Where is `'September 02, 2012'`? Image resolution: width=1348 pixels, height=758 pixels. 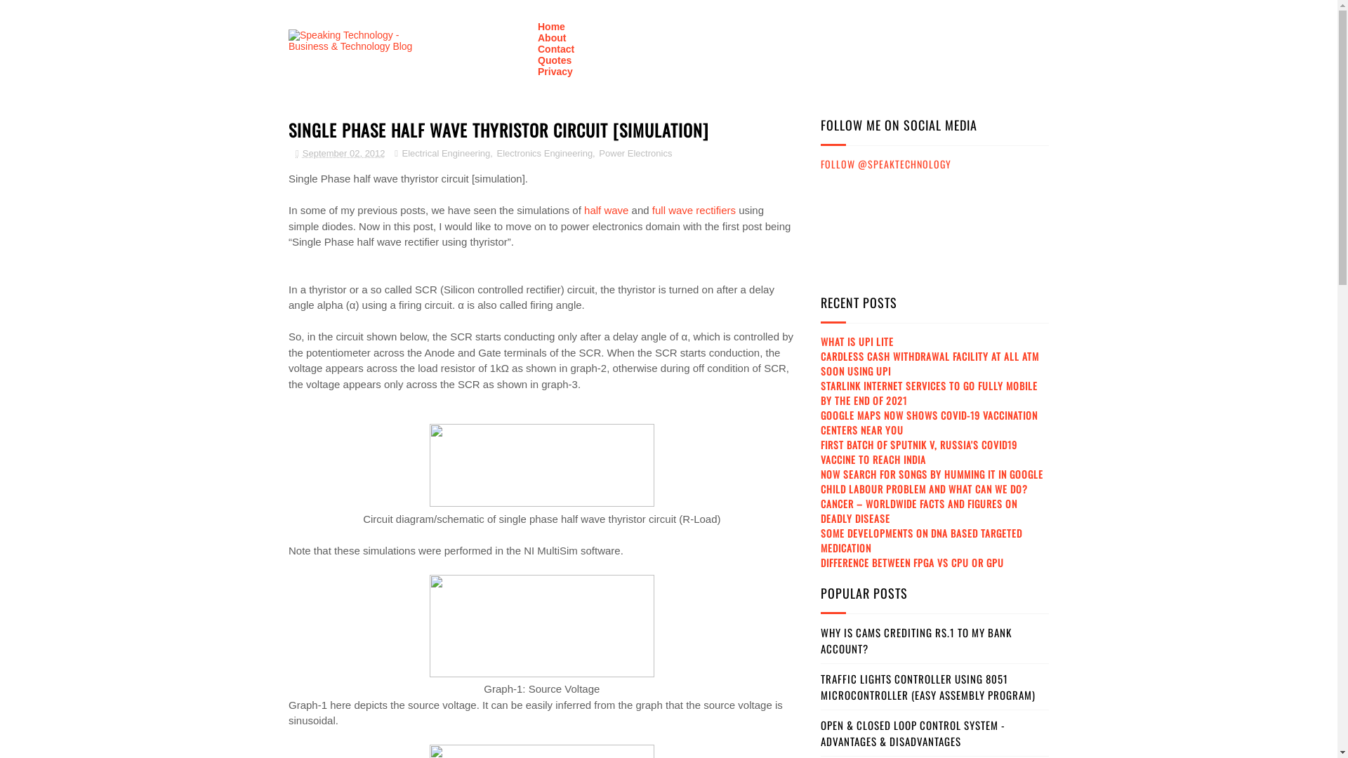 'September 02, 2012' is located at coordinates (340, 153).